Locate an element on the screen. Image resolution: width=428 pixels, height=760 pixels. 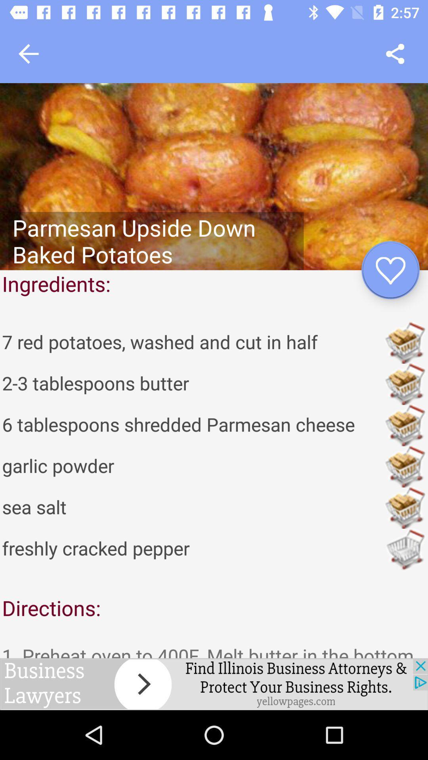
back button is located at coordinates (28, 53).